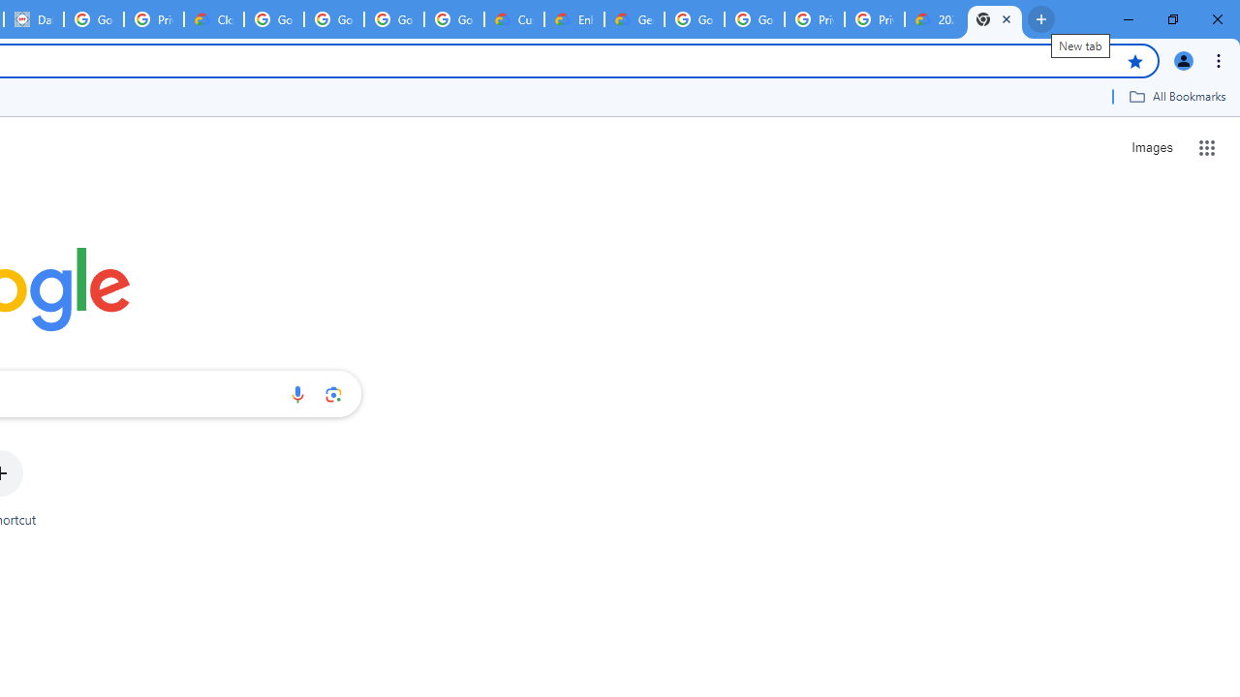 Image resolution: width=1240 pixels, height=697 pixels. I want to click on 'Enhanced Support | Google Cloud', so click(573, 19).